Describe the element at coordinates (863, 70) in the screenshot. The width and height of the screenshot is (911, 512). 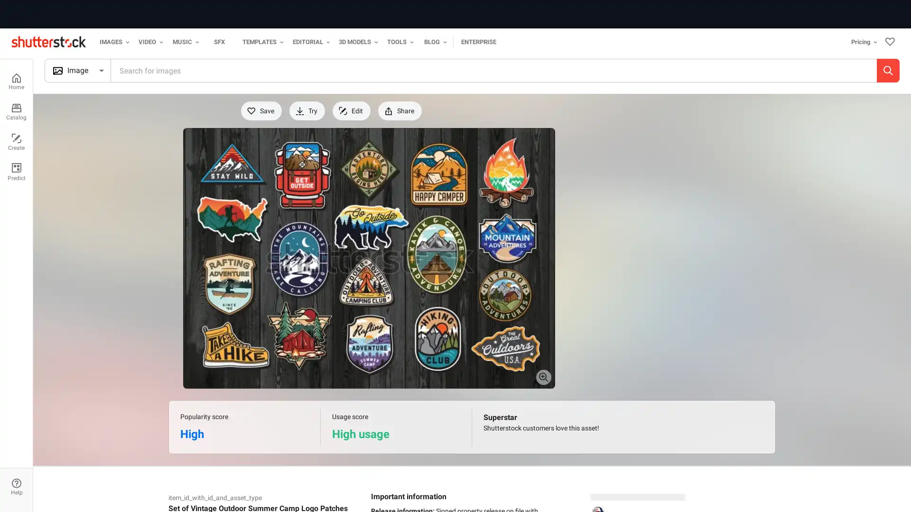
I see `Search by image` at that location.